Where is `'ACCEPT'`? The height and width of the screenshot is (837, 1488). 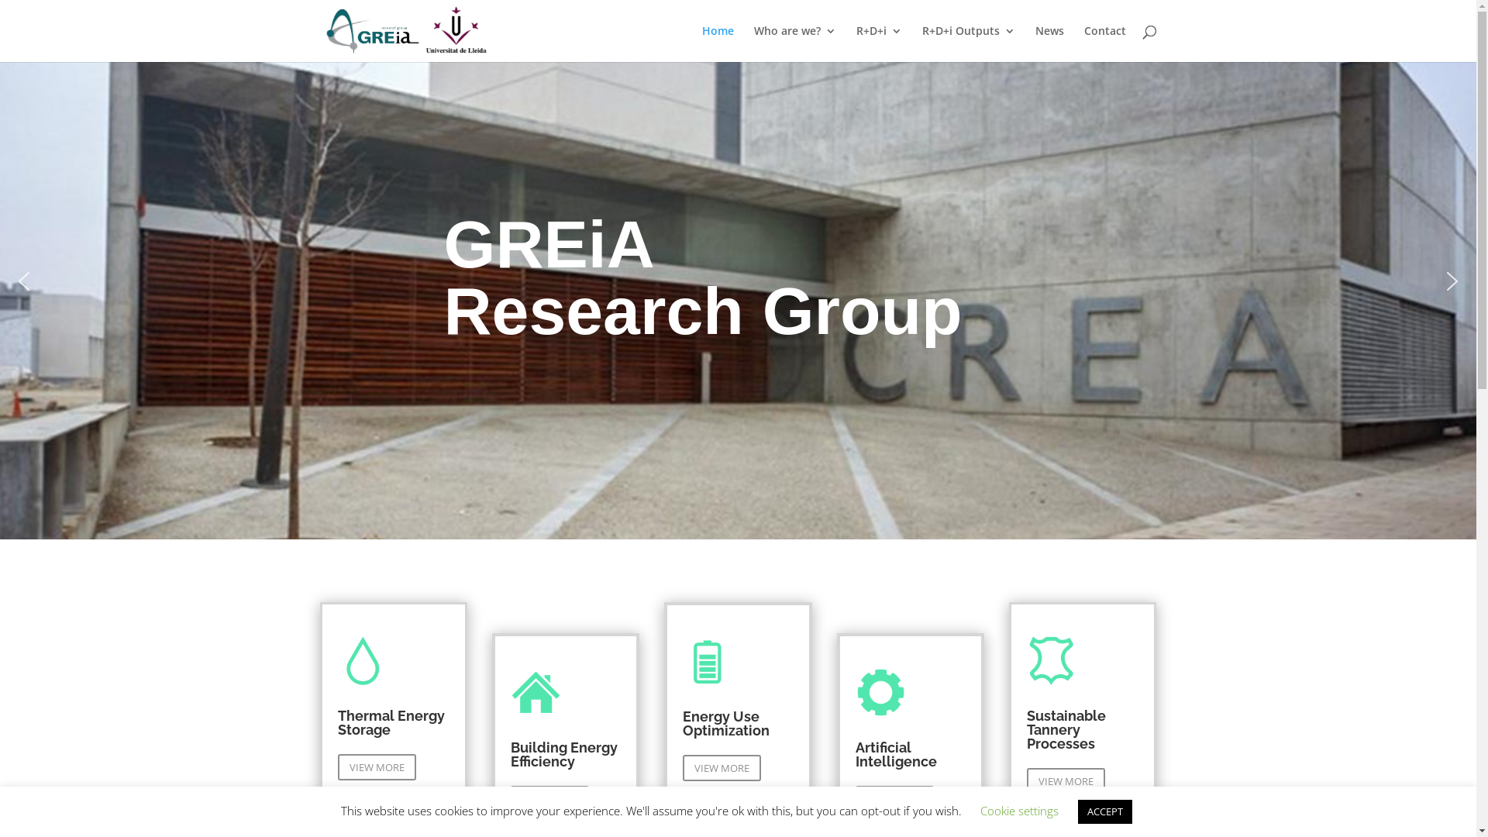
'ACCEPT' is located at coordinates (1104, 811).